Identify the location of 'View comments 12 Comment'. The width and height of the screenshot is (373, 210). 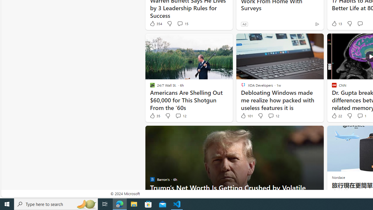
(273, 116).